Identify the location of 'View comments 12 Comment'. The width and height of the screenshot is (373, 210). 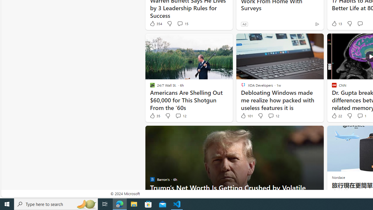
(273, 116).